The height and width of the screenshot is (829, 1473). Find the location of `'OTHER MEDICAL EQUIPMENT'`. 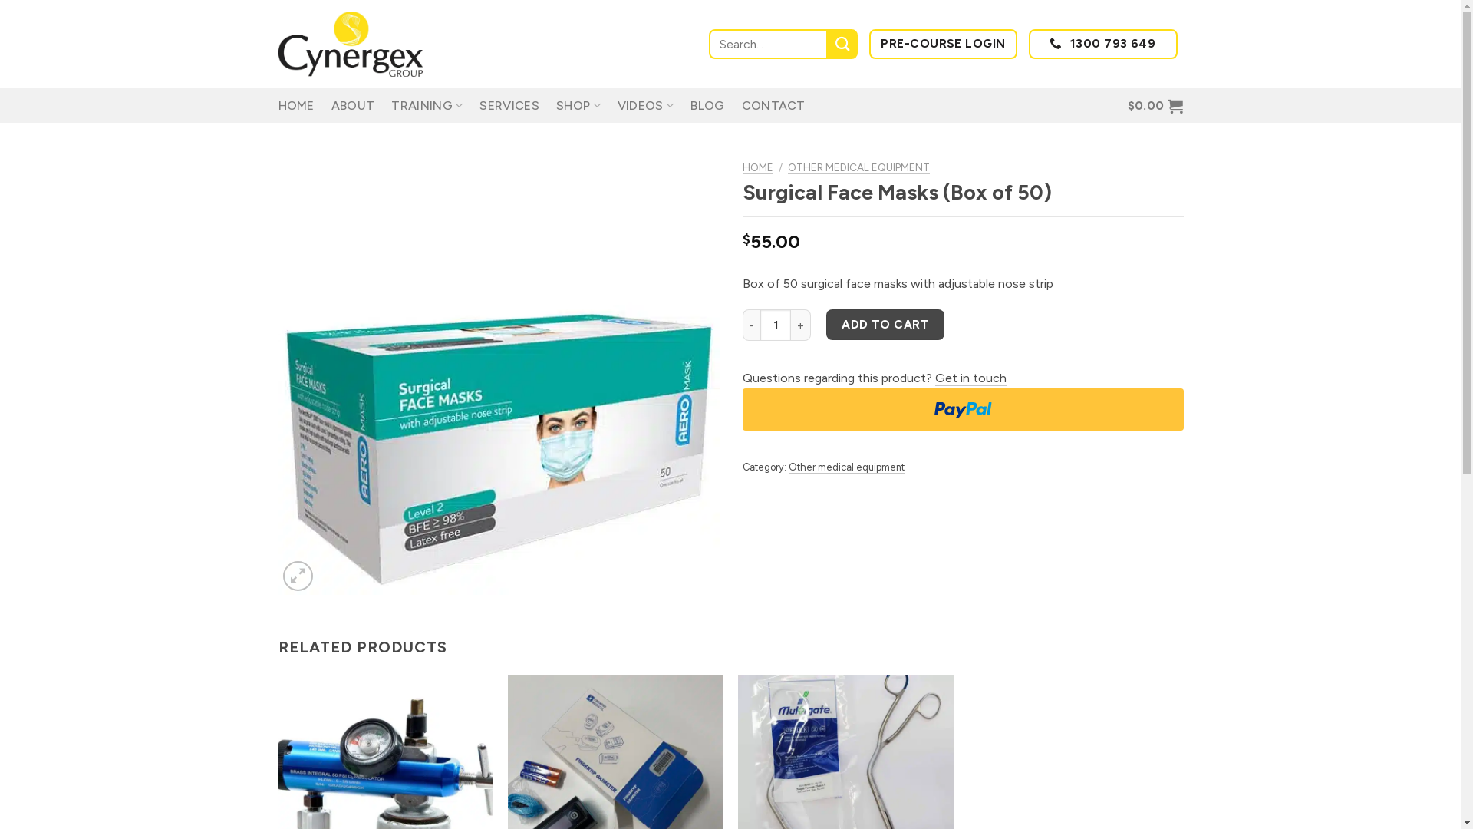

'OTHER MEDICAL EQUIPMENT' is located at coordinates (858, 167).